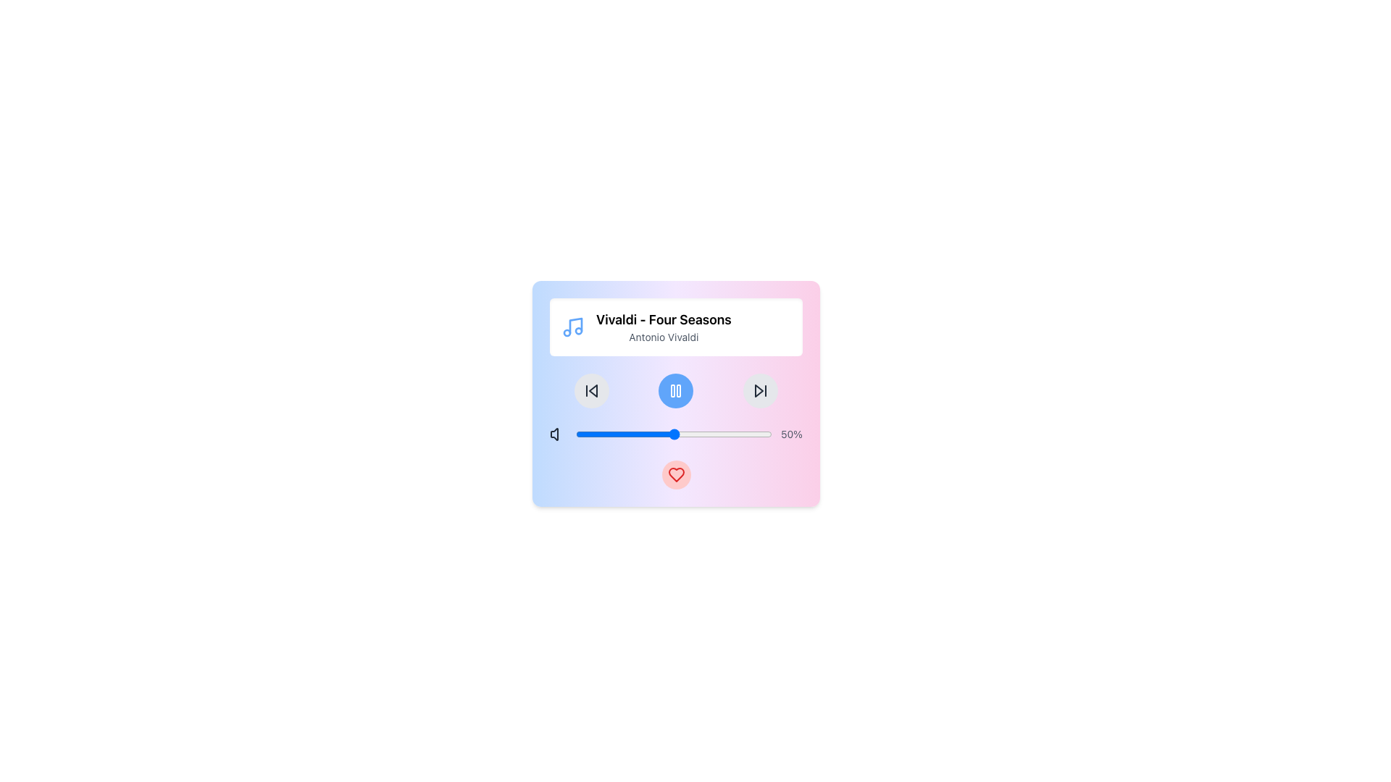  I want to click on the heart-shaped button with a light red background located at the bottom of the card interface, so click(675, 474).